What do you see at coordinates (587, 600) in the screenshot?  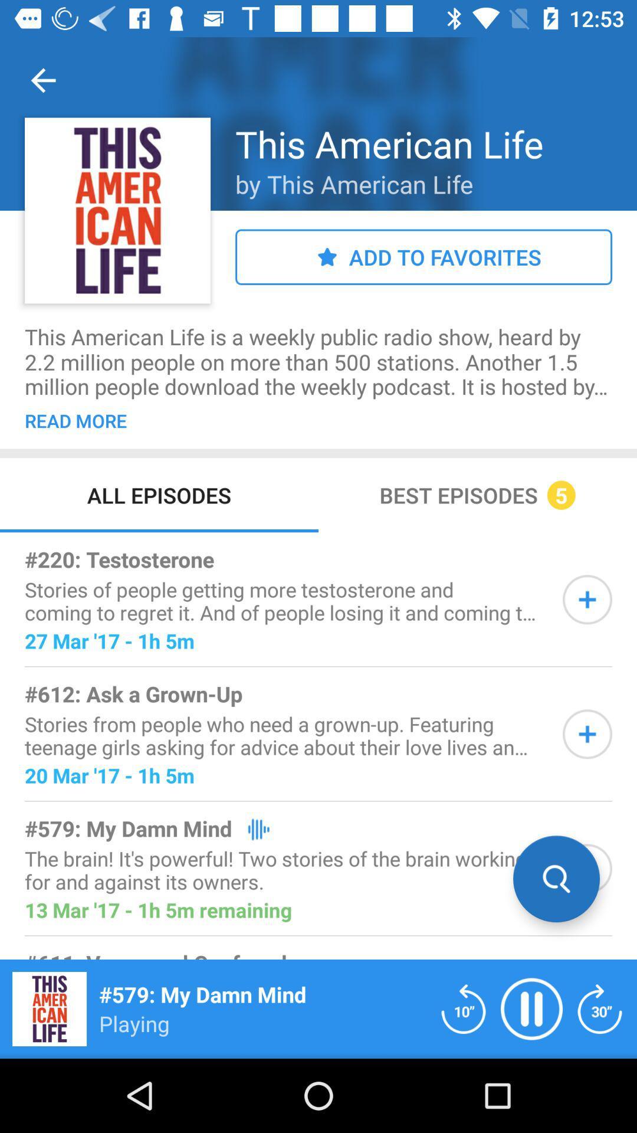 I see `show more` at bounding box center [587, 600].